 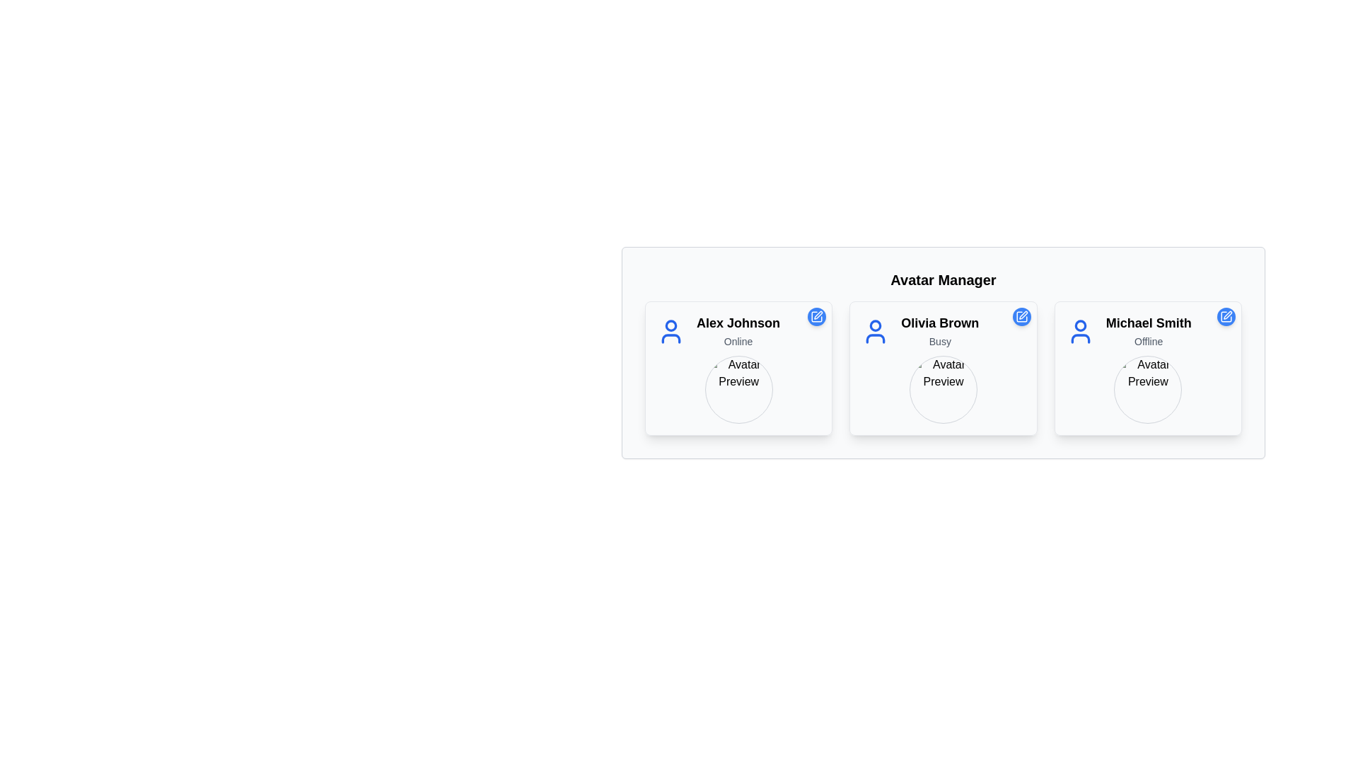 What do you see at coordinates (671, 325) in the screenshot?
I see `the decorative circle element representing the head of the avatar icon for 'Alex Johnson' by clicking on it` at bounding box center [671, 325].